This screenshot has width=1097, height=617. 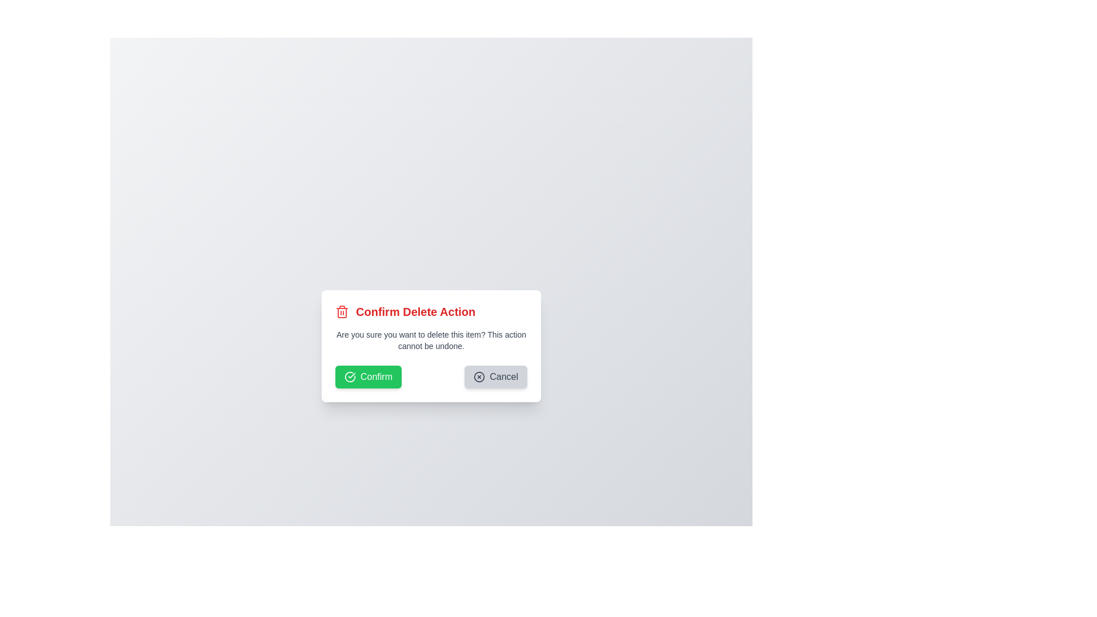 I want to click on the cancel button located to the right of the confirm button in the modal dialog box, so click(x=496, y=376).